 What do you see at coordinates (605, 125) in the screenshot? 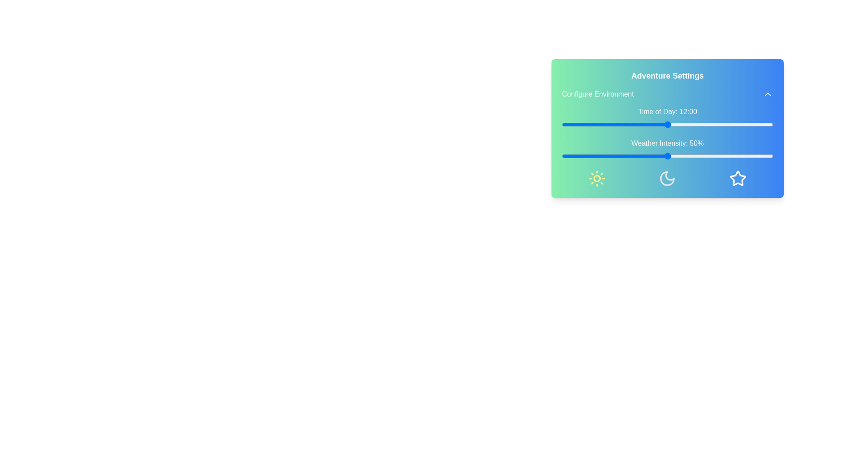
I see `the 'Time of Day' slider to 5 hours` at bounding box center [605, 125].